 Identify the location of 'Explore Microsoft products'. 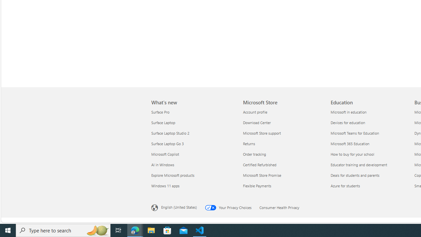
(193, 175).